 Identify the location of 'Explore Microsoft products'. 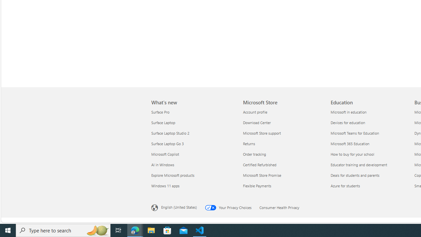
(193, 175).